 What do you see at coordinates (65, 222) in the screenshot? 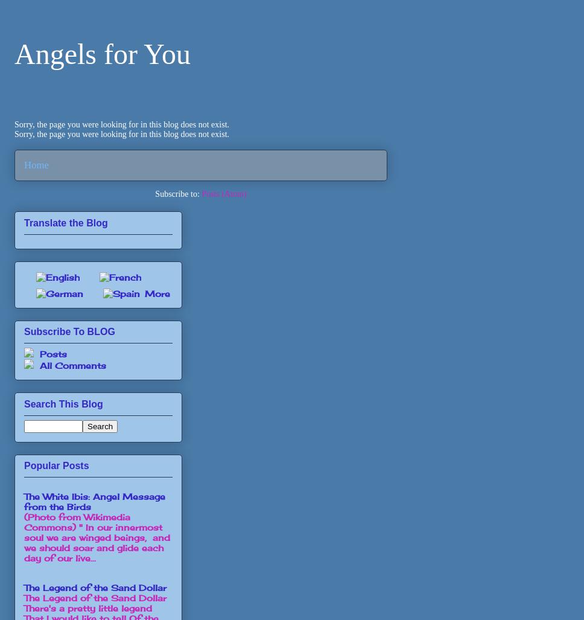
I see `'Translate the Blog'` at bounding box center [65, 222].